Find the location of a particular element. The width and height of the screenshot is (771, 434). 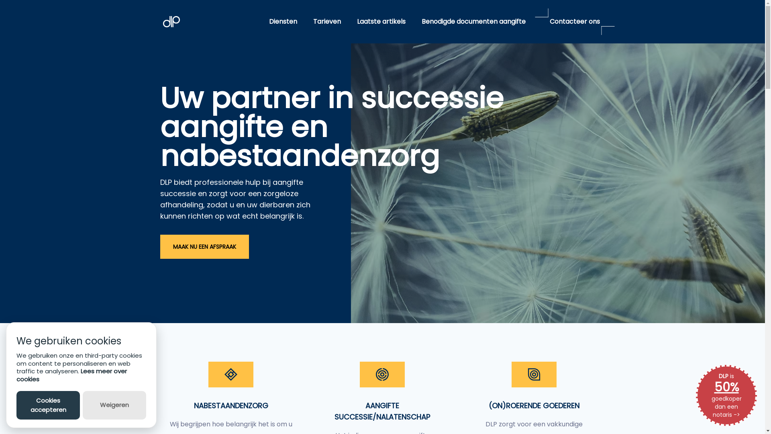

'Cookies accepteren' is located at coordinates (48, 405).